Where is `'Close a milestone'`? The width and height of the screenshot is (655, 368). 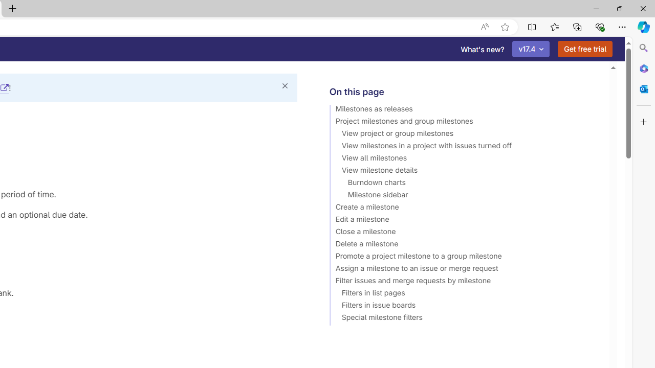 'Close a milestone' is located at coordinates (464, 233).